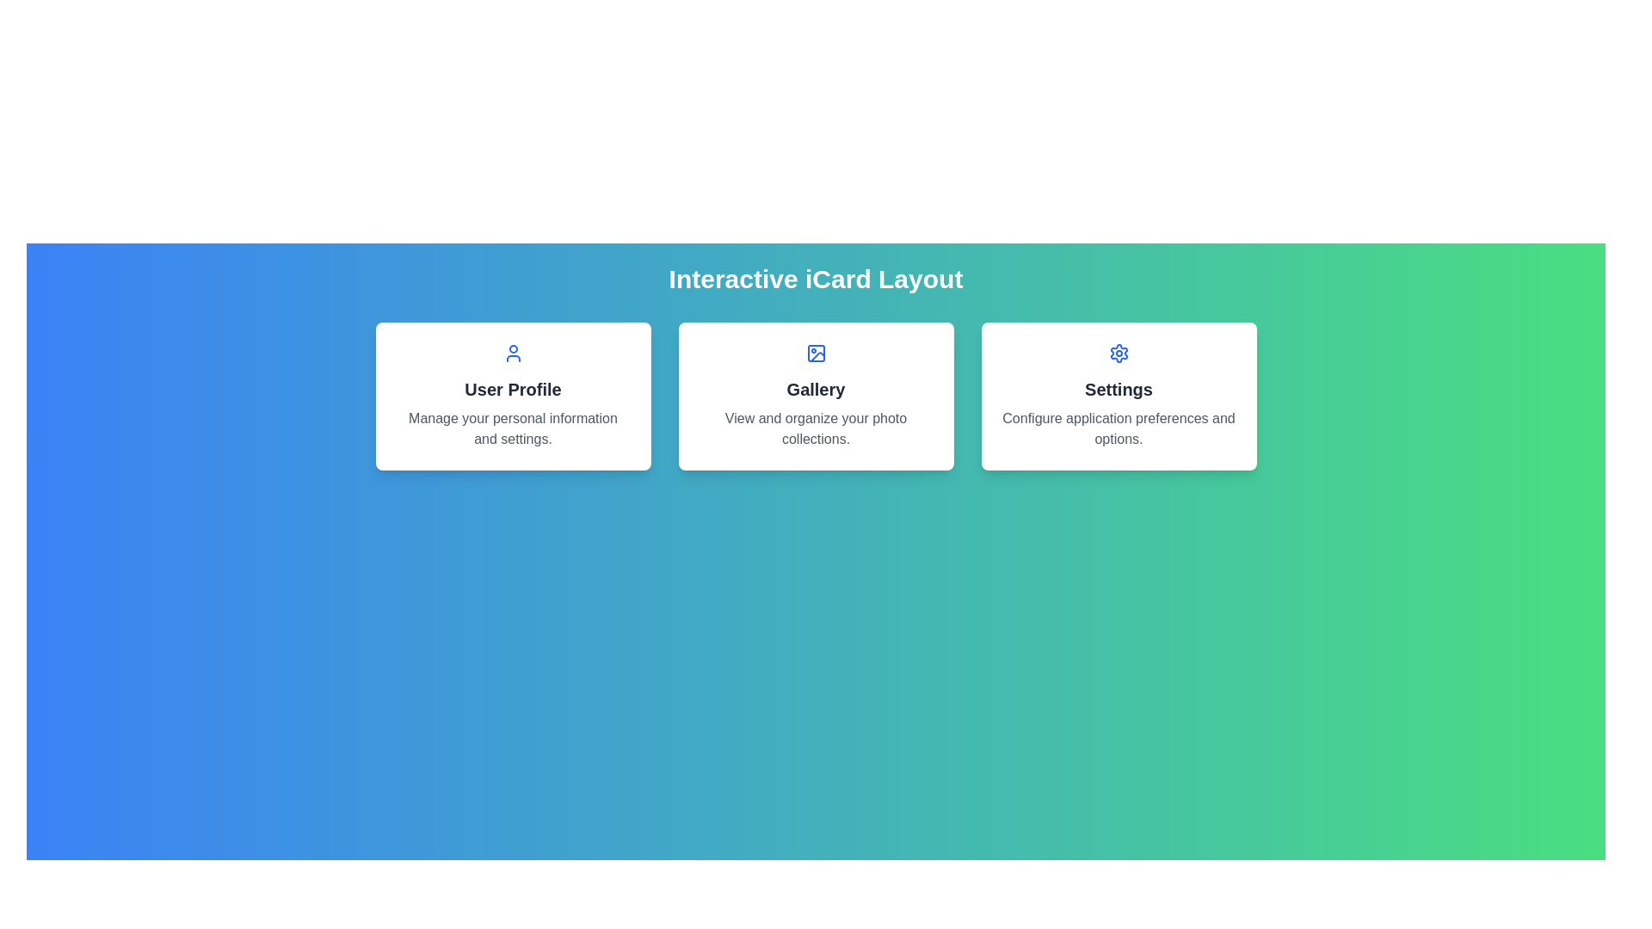 This screenshot has height=929, width=1652. Describe the element at coordinates (815, 389) in the screenshot. I see `text of the 'Gallery' label, which is a bold, large font text styled in dark gray, prominently positioned in the middle part of the card` at that location.